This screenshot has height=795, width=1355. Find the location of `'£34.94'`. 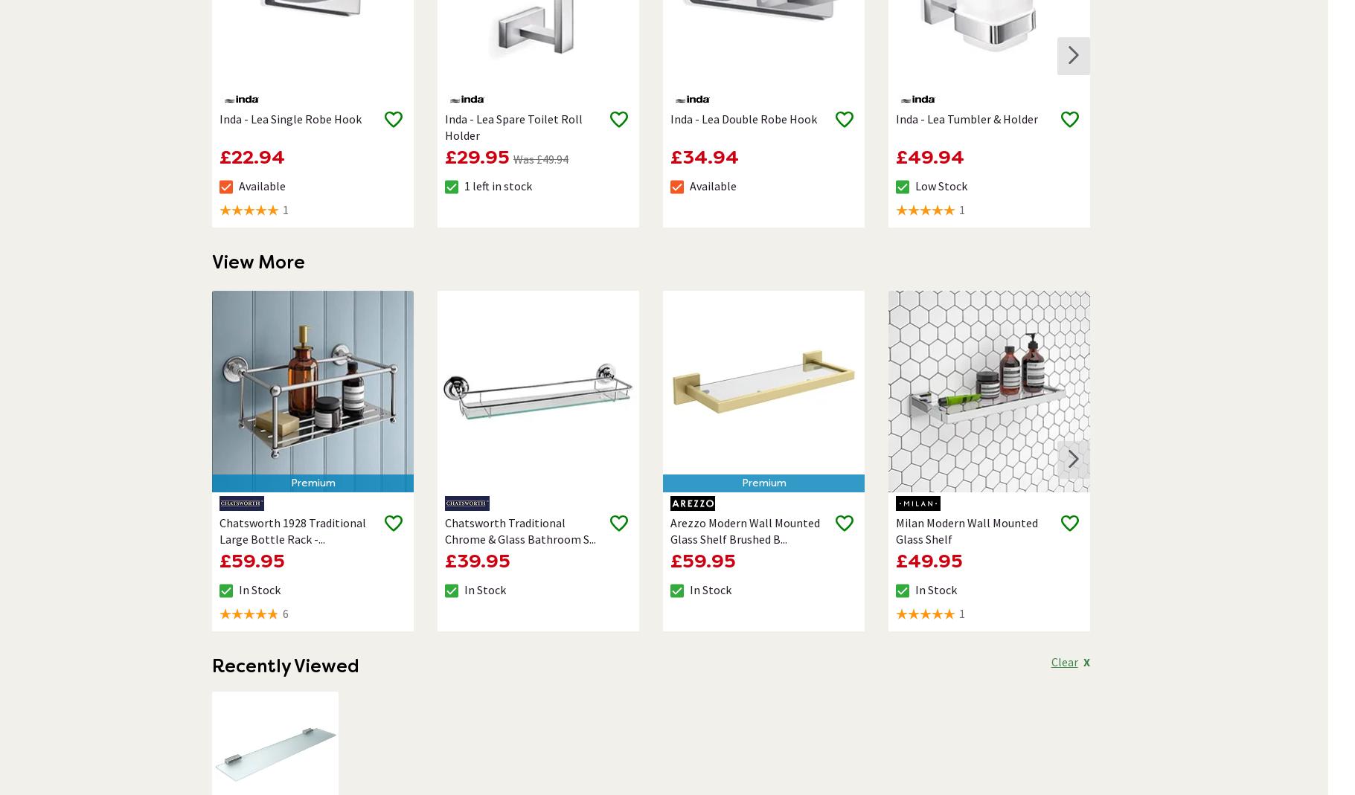

'£34.94' is located at coordinates (704, 156).